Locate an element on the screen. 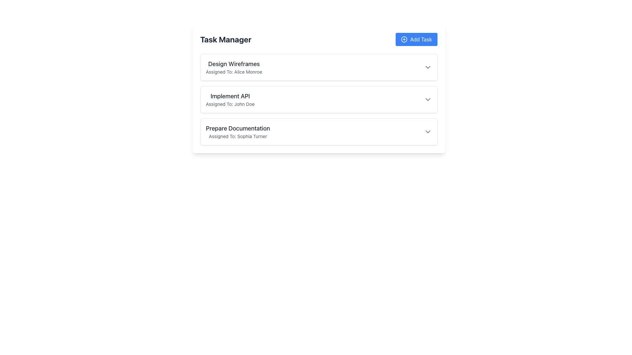  the task card named 'Implement API' assigned is located at coordinates (319, 100).